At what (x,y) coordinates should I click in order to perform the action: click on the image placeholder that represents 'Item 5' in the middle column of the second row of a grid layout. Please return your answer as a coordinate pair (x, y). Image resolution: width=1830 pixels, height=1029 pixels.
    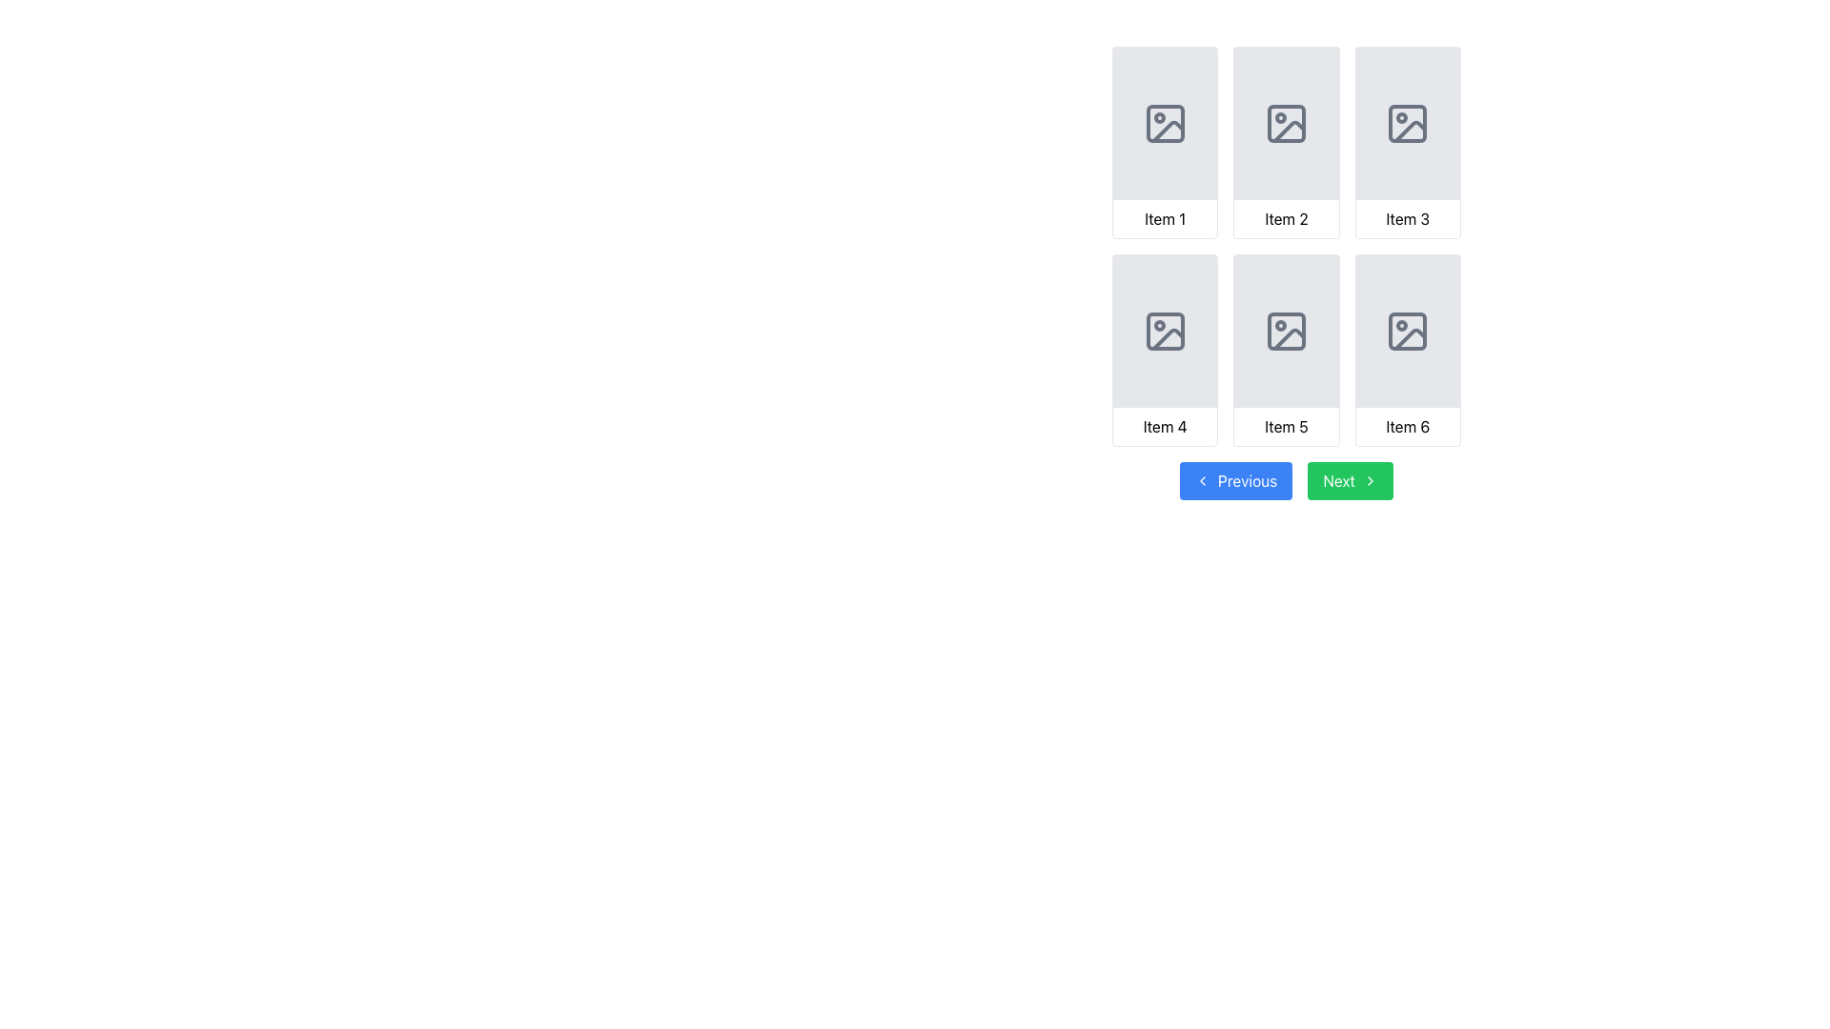
    Looking at the image, I should click on (1286, 330).